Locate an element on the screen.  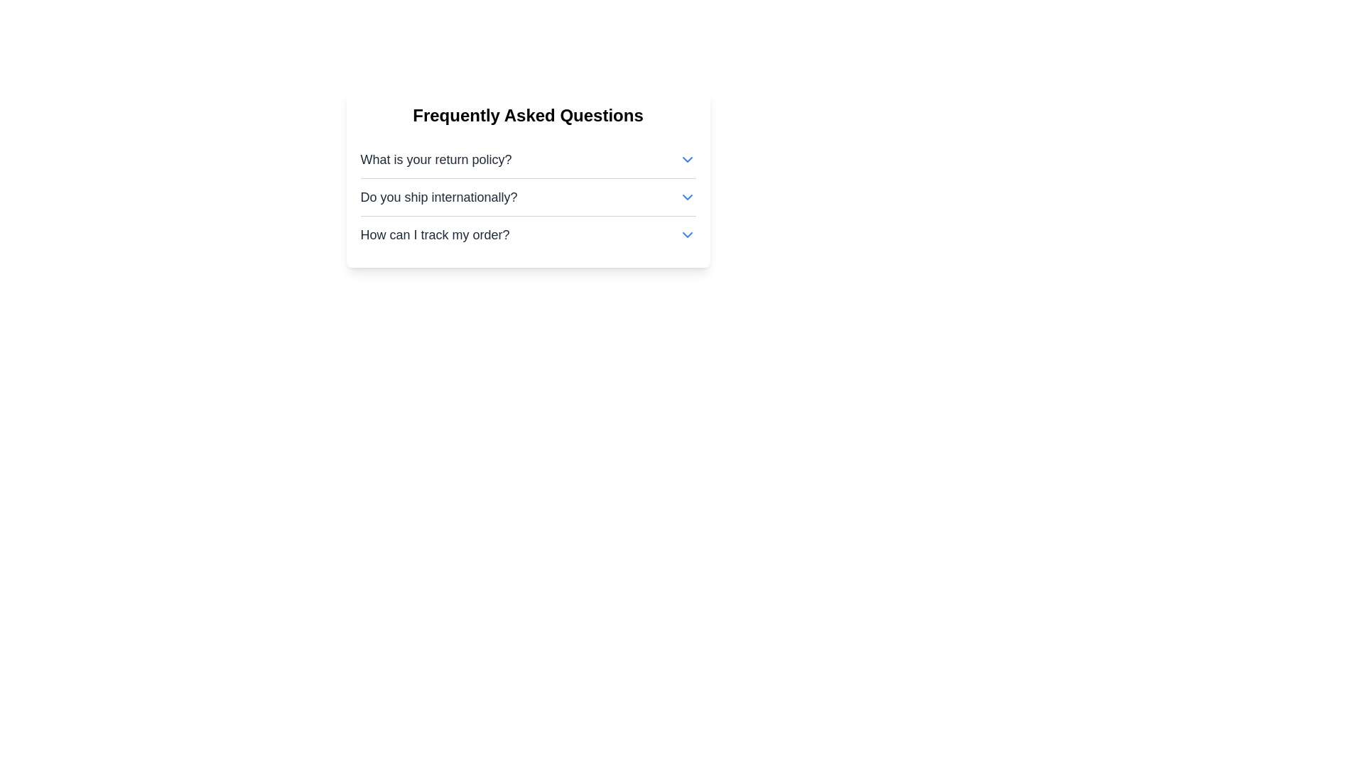
the first text label in the FAQ section, which is positioned adjacent to a chevron-down icon is located at coordinates (435, 159).